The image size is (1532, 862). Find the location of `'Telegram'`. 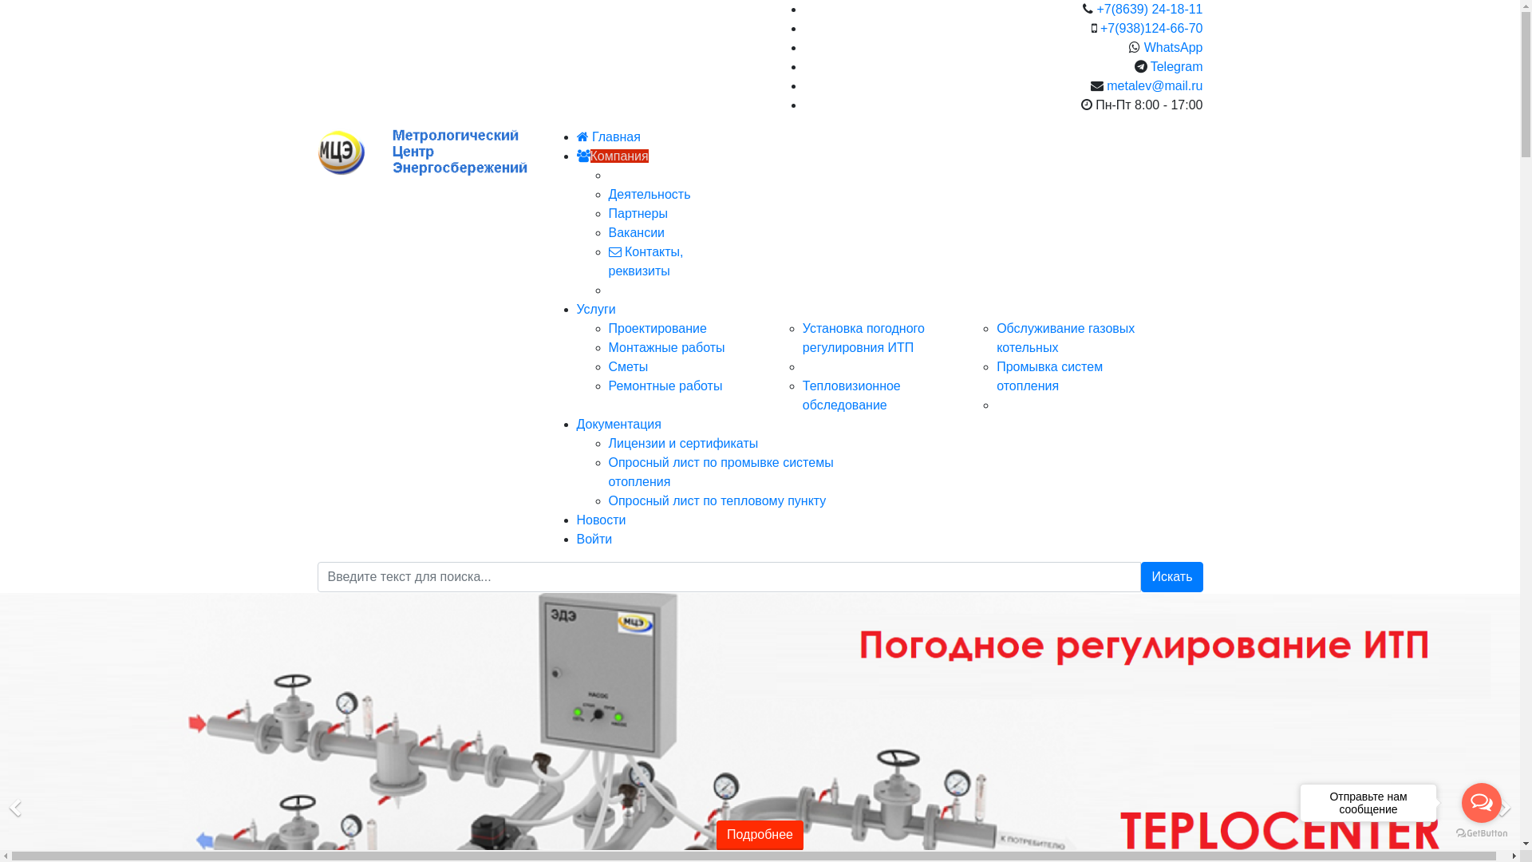

'Telegram' is located at coordinates (1176, 65).